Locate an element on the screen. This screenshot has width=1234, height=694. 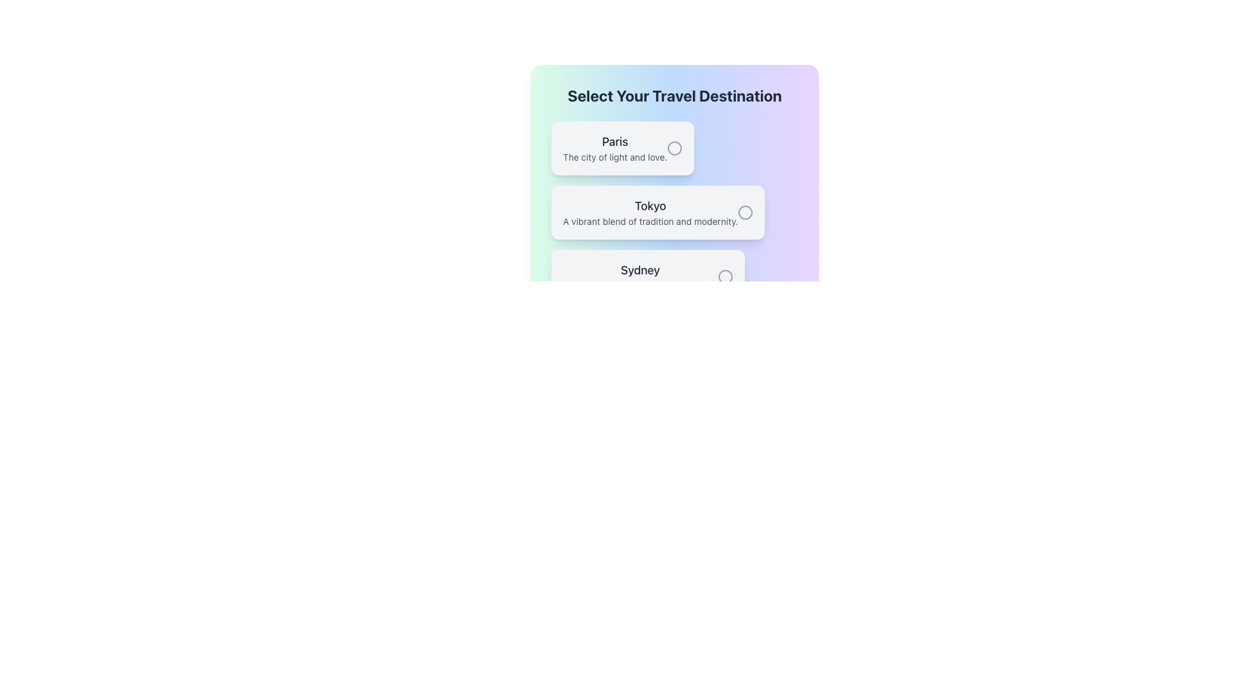
the bold, large-sized text heading that reads 'Select Your Travel Destination', which is styled with a dark gray color on a pastel gradient background and is centrally located on the interface is located at coordinates (674, 95).